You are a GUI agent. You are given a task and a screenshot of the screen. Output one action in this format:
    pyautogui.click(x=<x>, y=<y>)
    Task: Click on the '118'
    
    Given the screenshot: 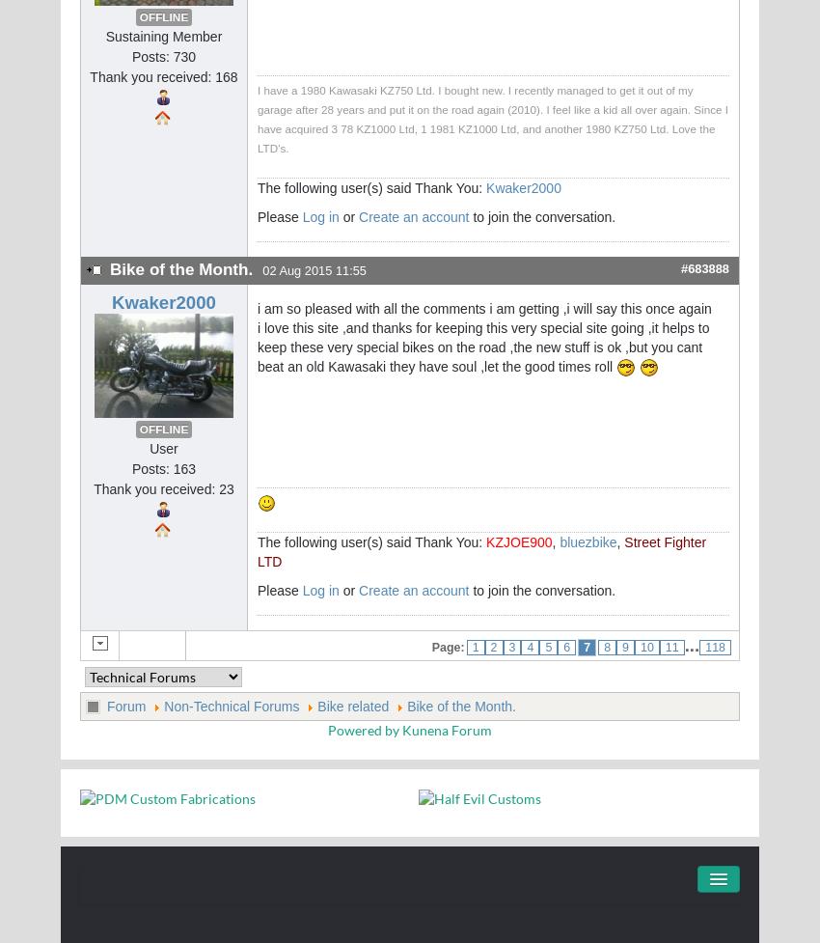 What is the action you would take?
    pyautogui.click(x=715, y=648)
    